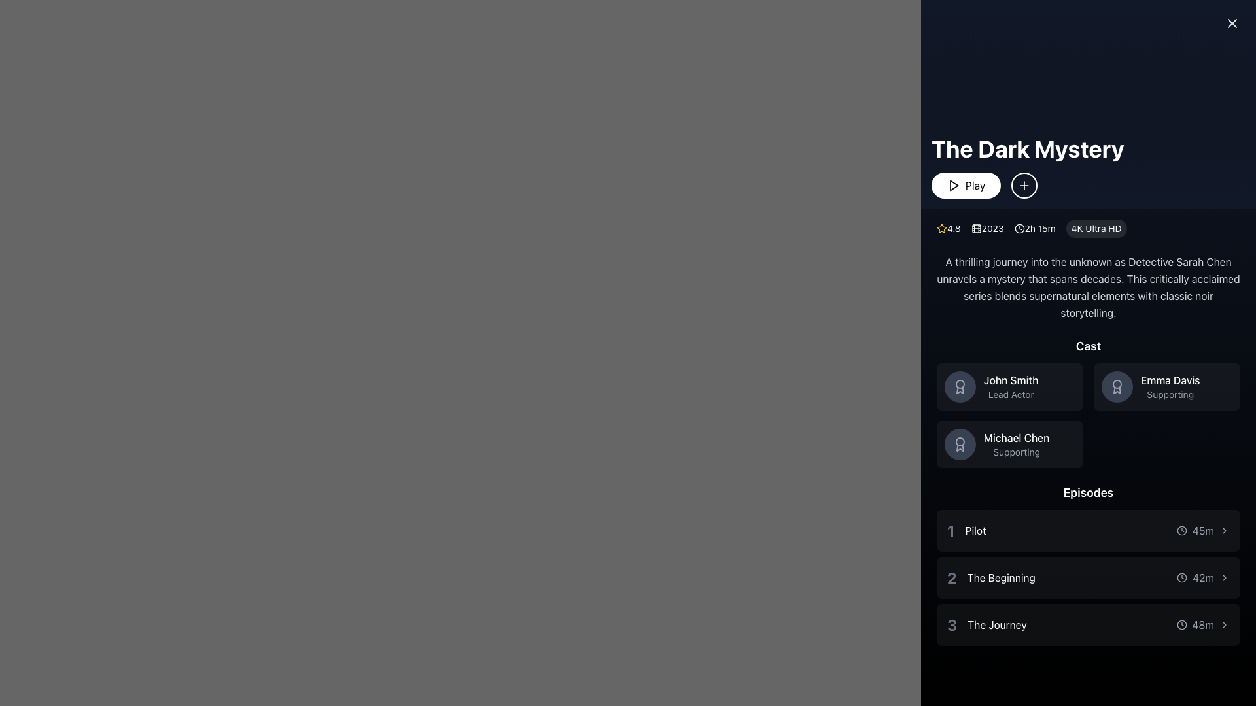 This screenshot has width=1256, height=706. What do you see at coordinates (949, 228) in the screenshot?
I see `the Rating display with text and icon that shows a rating of '4.8', located to the left of the metadata section and accompanied by a star icon` at bounding box center [949, 228].